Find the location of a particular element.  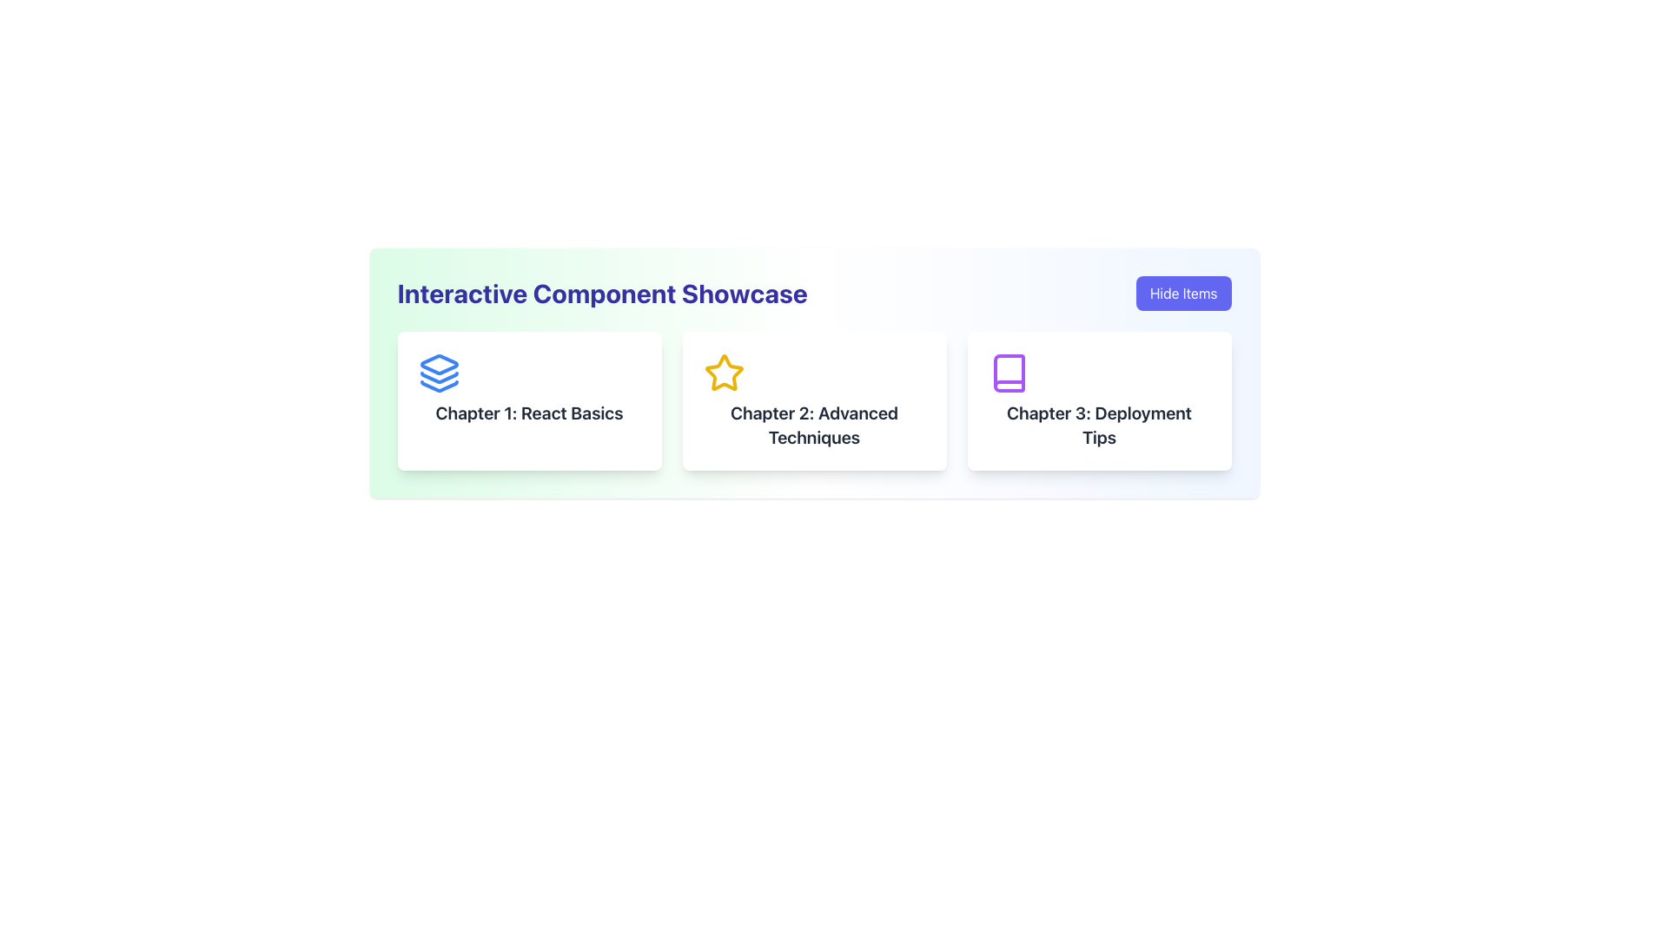

the distinct chevron-shaped graphical element with a blue outline, located centrally in the leftmost card labeled 'Chapter 1: React Basics' is located at coordinates (439, 385).